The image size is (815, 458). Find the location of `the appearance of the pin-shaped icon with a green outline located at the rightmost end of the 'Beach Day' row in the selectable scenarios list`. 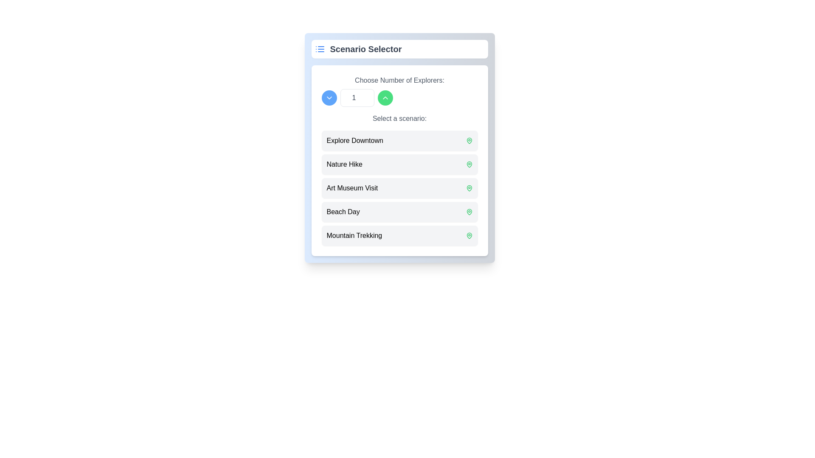

the appearance of the pin-shaped icon with a green outline located at the rightmost end of the 'Beach Day' row in the selectable scenarios list is located at coordinates (469, 212).